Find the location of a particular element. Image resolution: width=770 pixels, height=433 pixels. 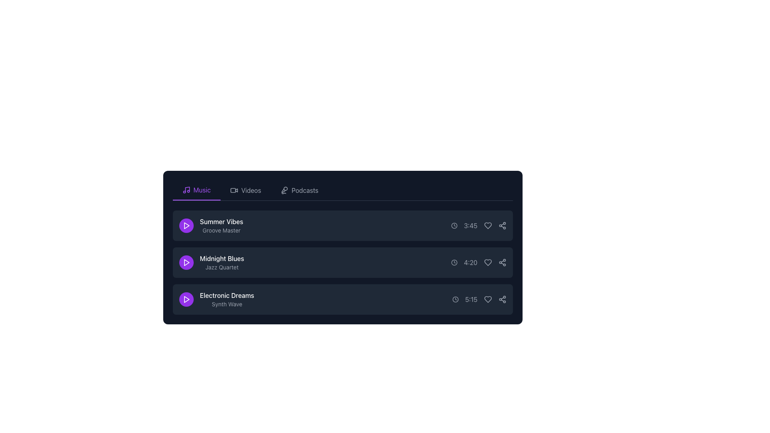

the triangular play icon (SVG) located to the left of the text 'Summer Vibes' is located at coordinates (186, 226).